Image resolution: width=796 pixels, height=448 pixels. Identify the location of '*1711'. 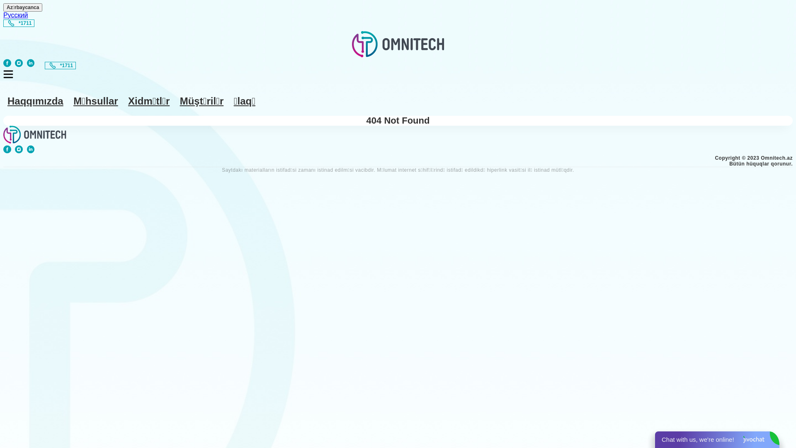
(60, 65).